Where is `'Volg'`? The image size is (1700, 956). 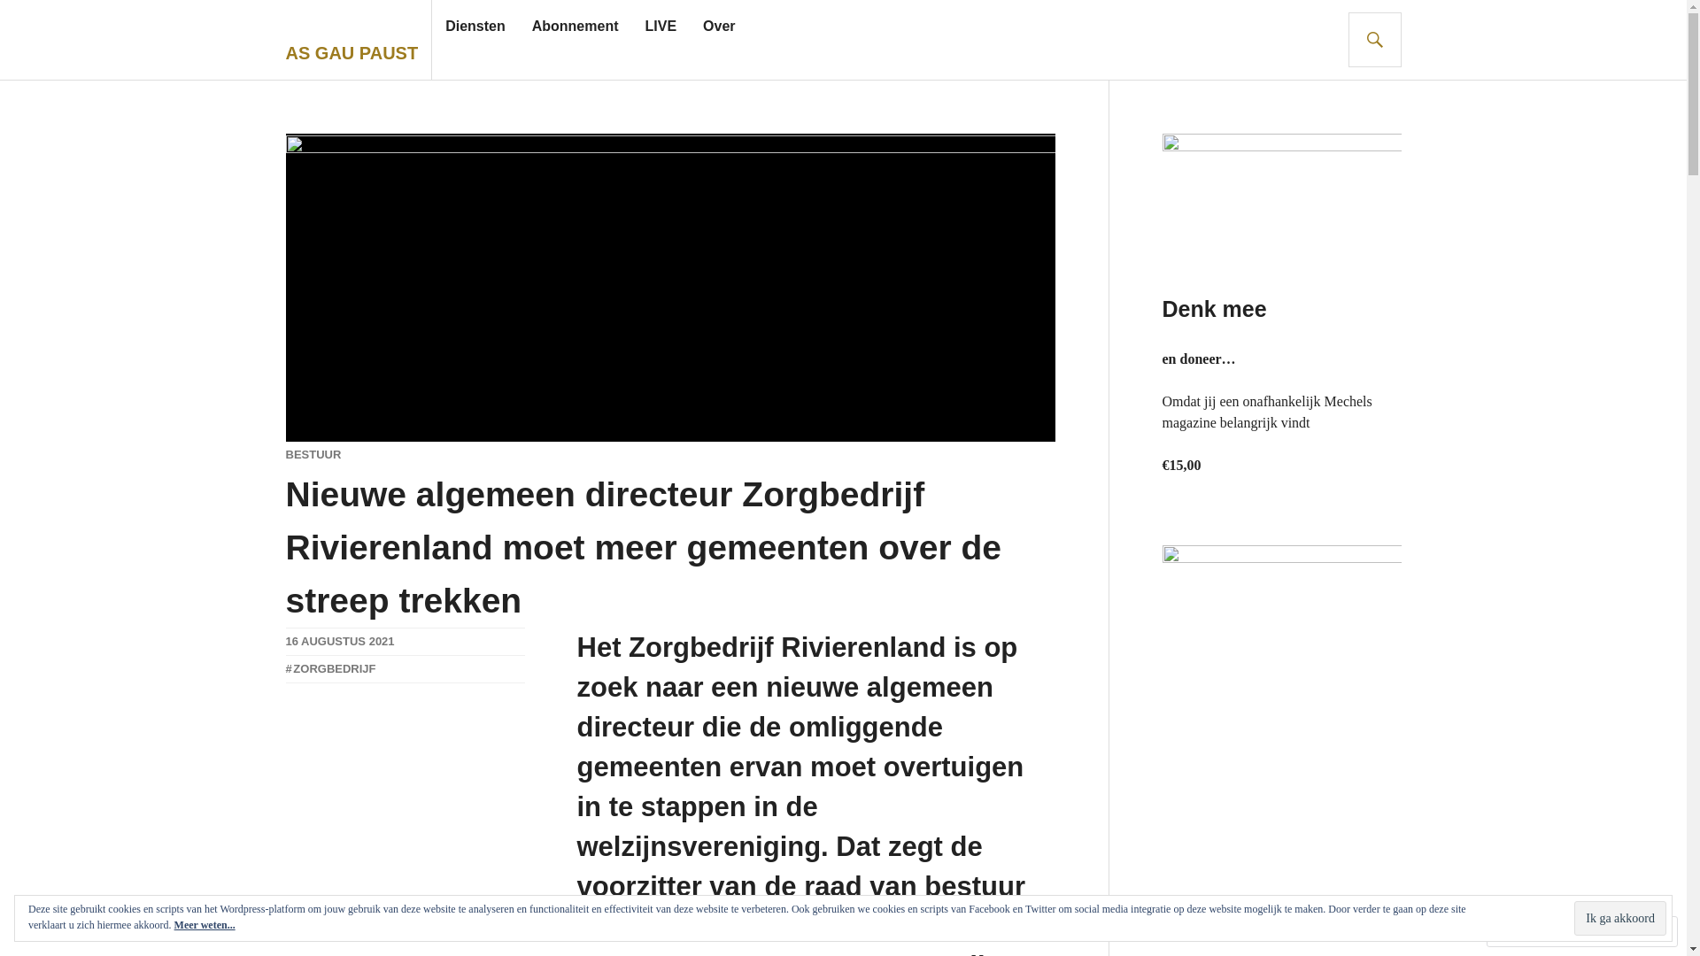
'Volg' is located at coordinates (1608, 930).